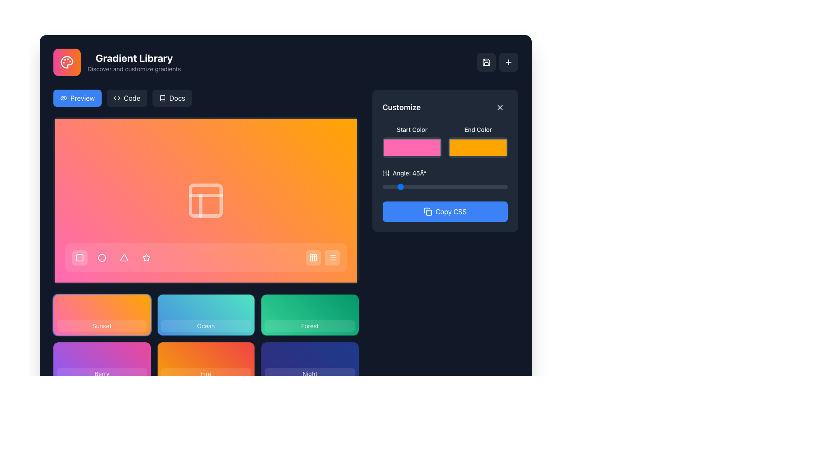 The height and width of the screenshot is (461, 820). Describe the element at coordinates (417, 187) in the screenshot. I see `the angle` at that location.